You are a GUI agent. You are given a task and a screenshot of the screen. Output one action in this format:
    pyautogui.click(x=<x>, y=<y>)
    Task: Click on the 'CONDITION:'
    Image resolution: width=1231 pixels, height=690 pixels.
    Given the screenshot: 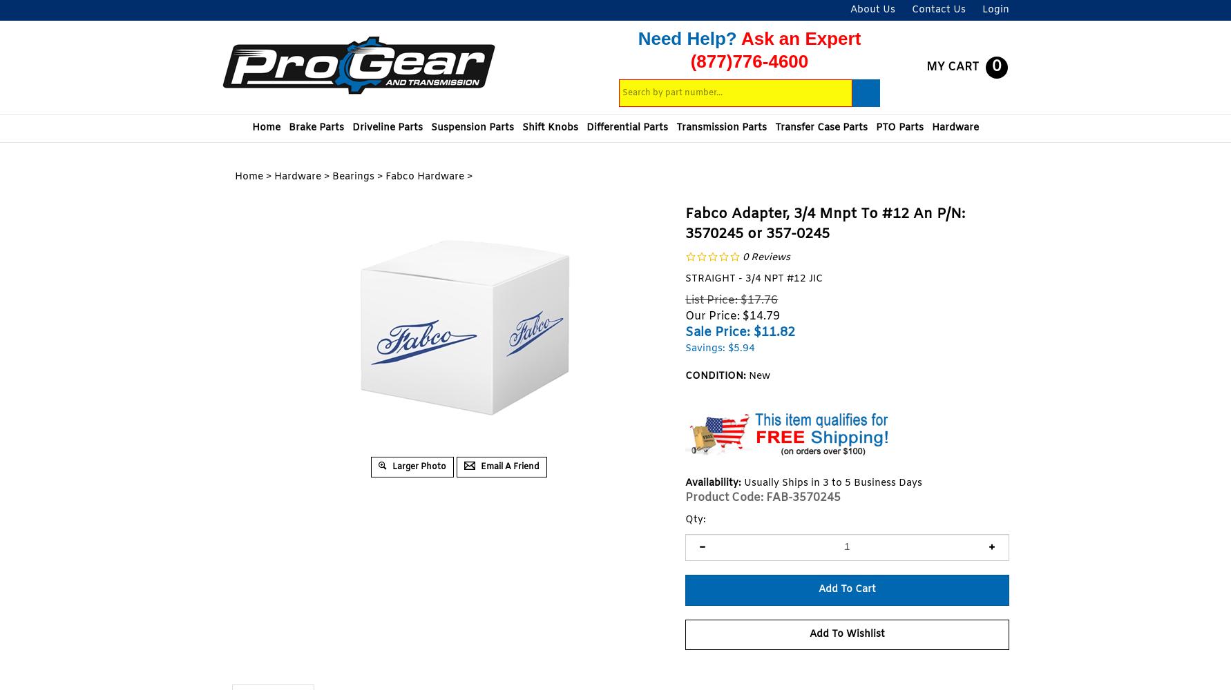 What is the action you would take?
    pyautogui.click(x=715, y=376)
    